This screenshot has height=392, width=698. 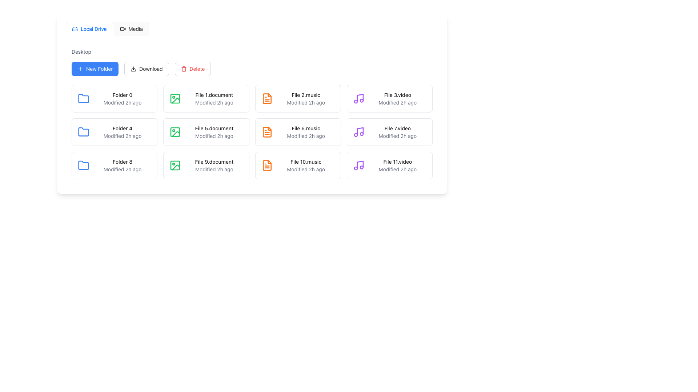 What do you see at coordinates (214, 95) in the screenshot?
I see `the text label labeled 'File 1.document' which appears in the first row and second column of the grid structure` at bounding box center [214, 95].